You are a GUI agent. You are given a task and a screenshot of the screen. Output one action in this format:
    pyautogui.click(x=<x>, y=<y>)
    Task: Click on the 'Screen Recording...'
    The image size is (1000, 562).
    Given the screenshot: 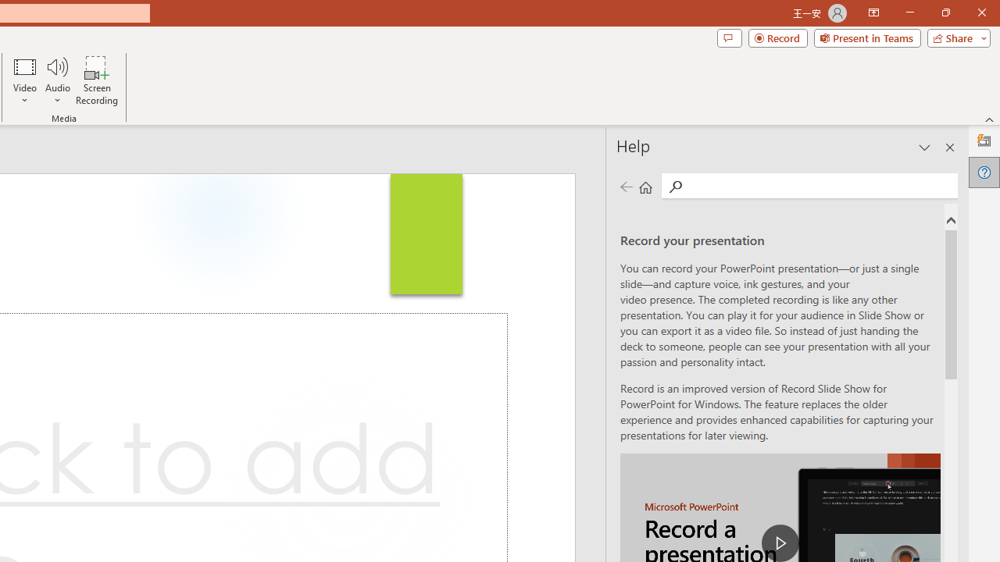 What is the action you would take?
    pyautogui.click(x=96, y=80)
    